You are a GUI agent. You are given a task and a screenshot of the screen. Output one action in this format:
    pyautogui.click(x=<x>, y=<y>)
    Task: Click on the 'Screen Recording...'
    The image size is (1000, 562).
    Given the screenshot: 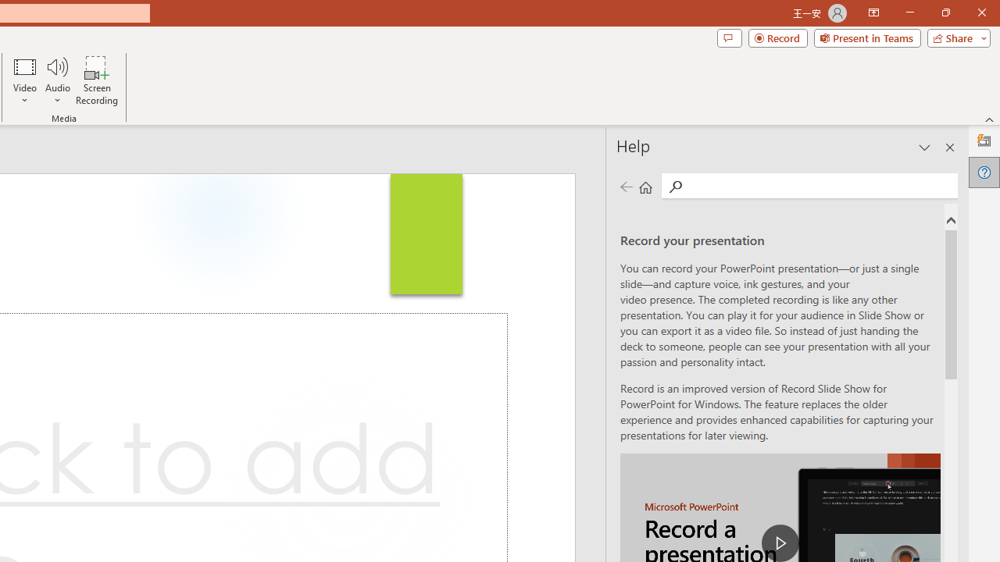 What is the action you would take?
    pyautogui.click(x=96, y=80)
    